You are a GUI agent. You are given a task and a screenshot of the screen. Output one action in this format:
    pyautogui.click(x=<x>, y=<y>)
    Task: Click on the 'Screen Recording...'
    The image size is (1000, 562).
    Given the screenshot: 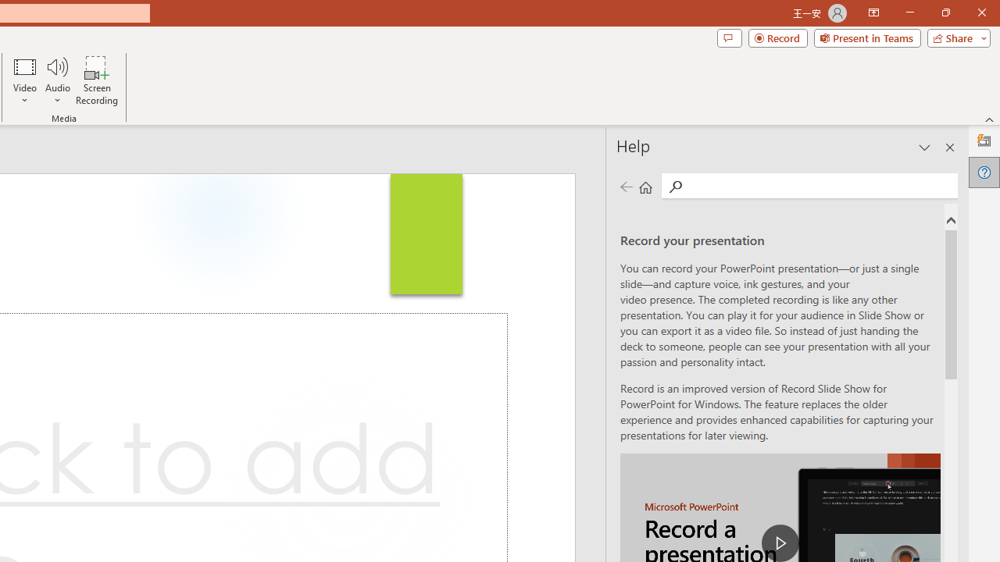 What is the action you would take?
    pyautogui.click(x=96, y=80)
    